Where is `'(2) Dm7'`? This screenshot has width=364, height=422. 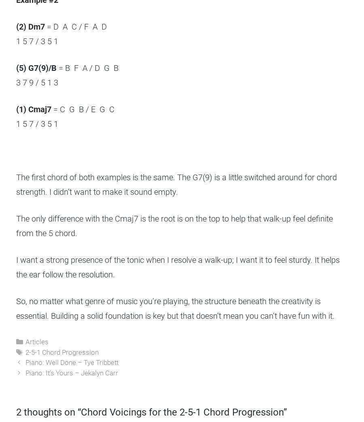 '(2) Dm7' is located at coordinates (15, 26).